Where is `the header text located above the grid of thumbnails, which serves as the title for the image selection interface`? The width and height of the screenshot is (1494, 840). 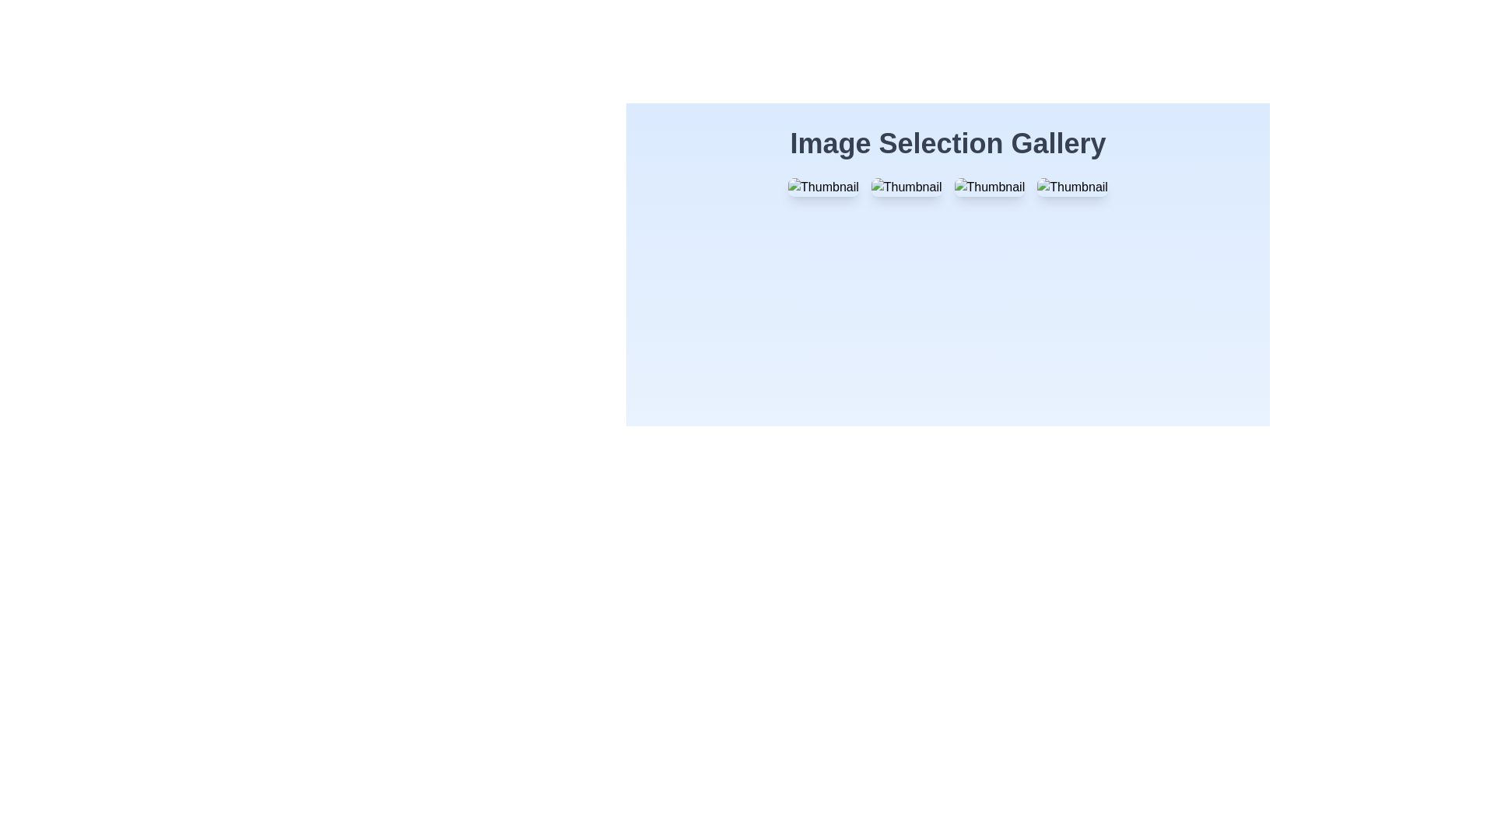
the header text located above the grid of thumbnails, which serves as the title for the image selection interface is located at coordinates (947, 144).